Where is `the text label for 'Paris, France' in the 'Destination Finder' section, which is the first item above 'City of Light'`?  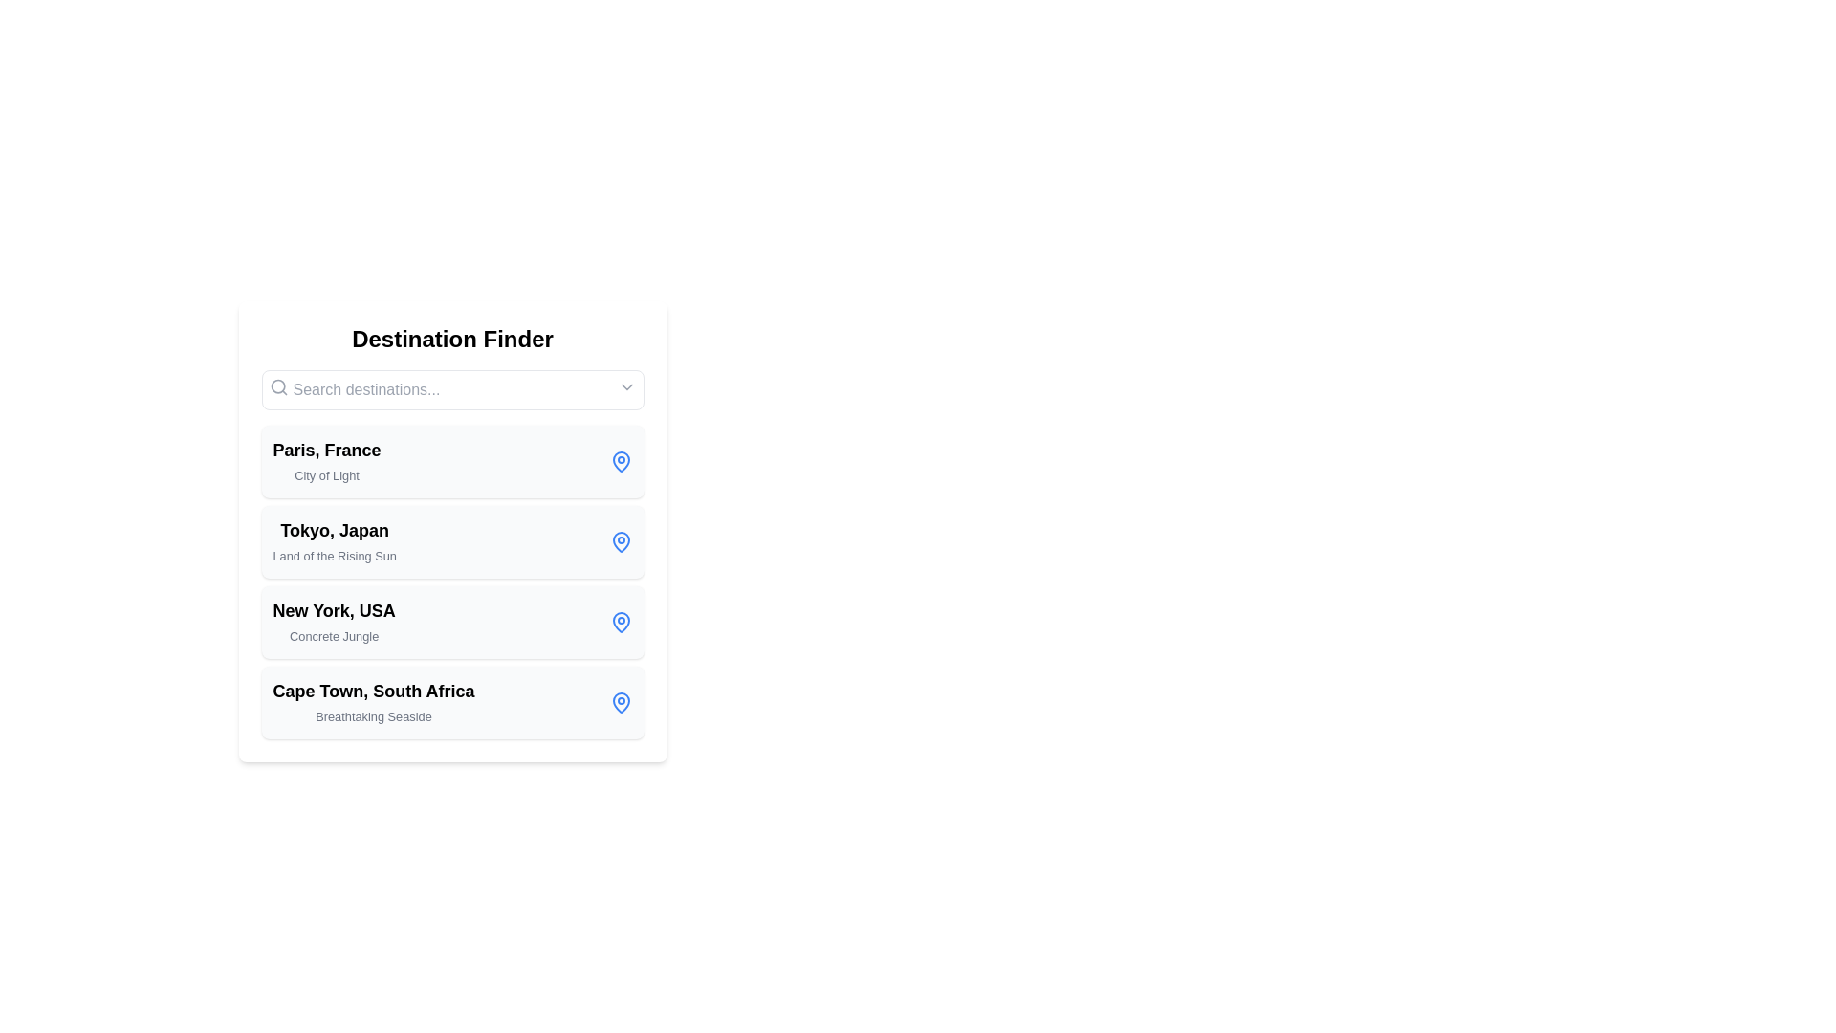
the text label for 'Paris, France' in the 'Destination Finder' section, which is the first item above 'City of Light' is located at coordinates (326, 450).